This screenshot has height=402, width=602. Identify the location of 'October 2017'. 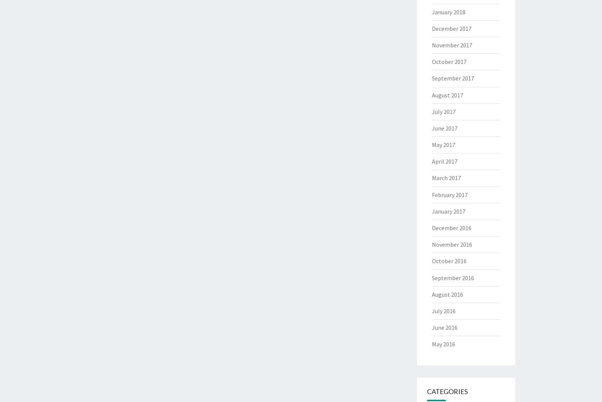
(448, 61).